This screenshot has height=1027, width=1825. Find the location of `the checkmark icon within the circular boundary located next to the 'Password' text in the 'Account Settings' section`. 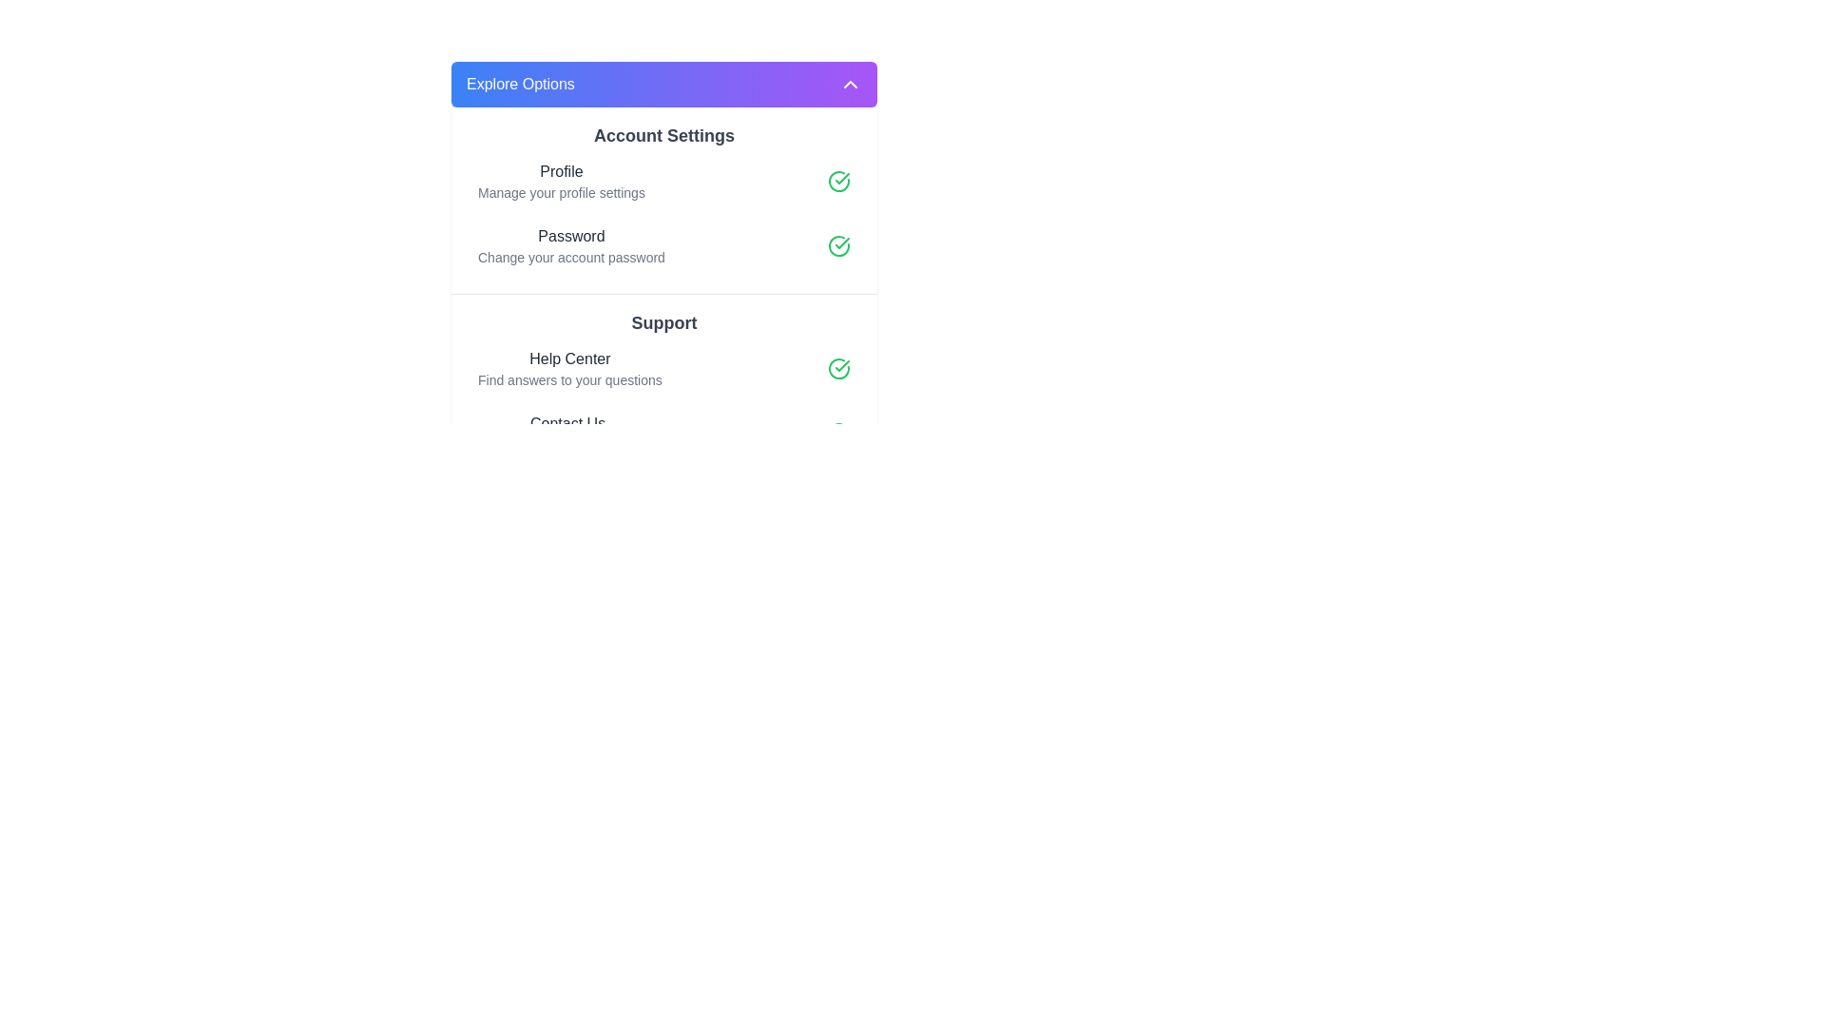

the checkmark icon within the circular boundary located next to the 'Password' text in the 'Account Settings' section is located at coordinates (841, 242).